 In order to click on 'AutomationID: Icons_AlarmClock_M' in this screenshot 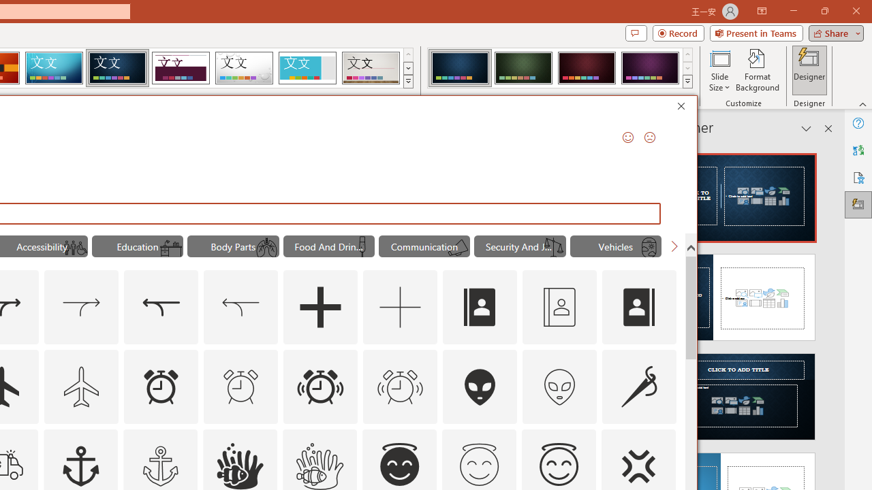, I will do `click(240, 387)`.